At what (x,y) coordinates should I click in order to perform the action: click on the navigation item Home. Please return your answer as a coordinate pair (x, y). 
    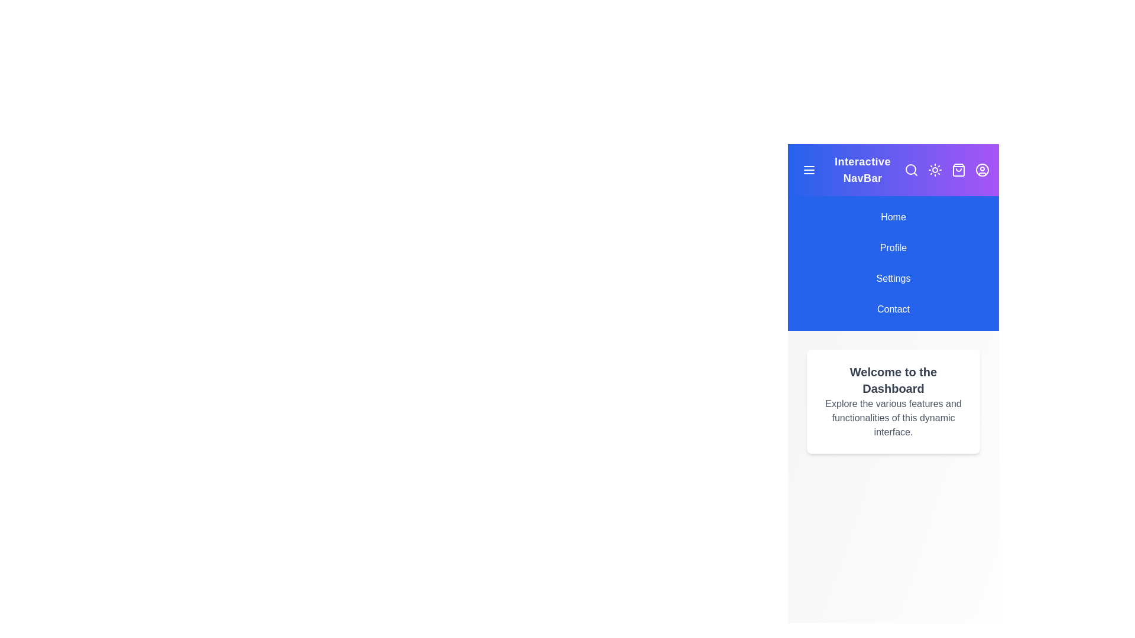
    Looking at the image, I should click on (893, 217).